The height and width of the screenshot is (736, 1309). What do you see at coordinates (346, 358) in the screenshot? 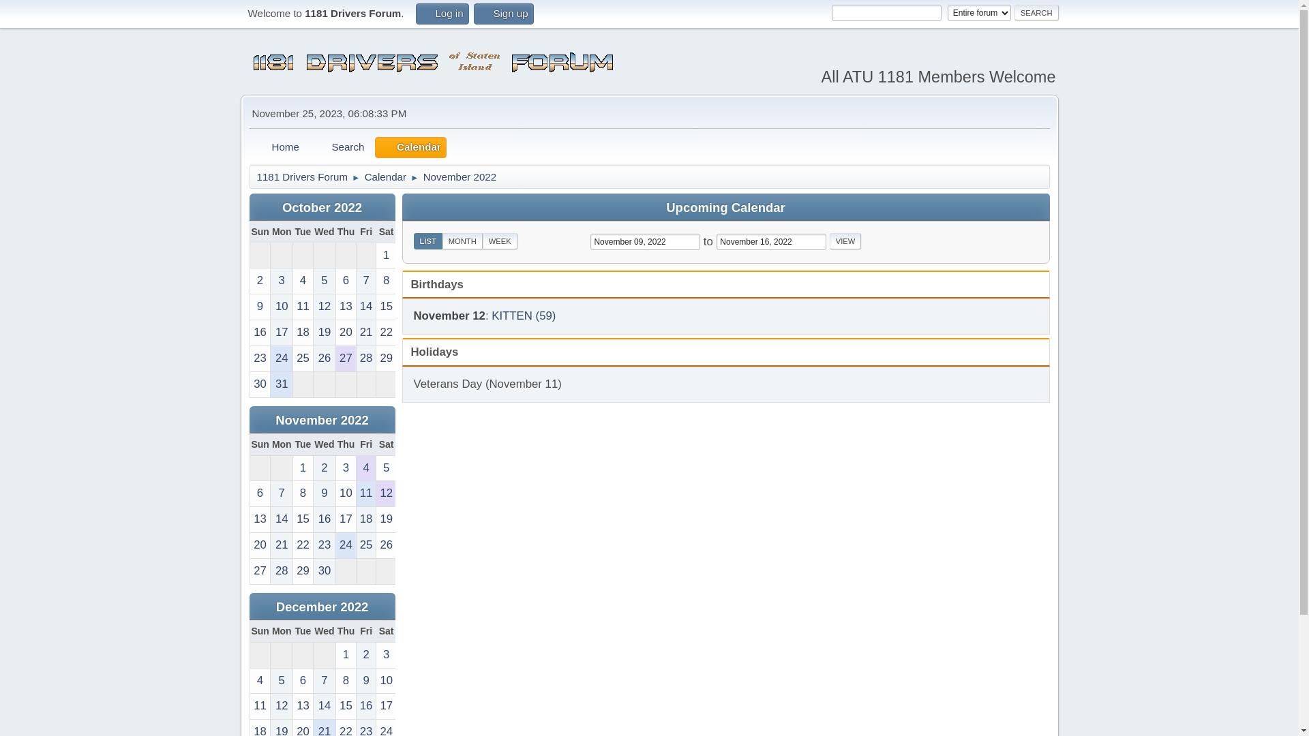
I see `'27'` at bounding box center [346, 358].